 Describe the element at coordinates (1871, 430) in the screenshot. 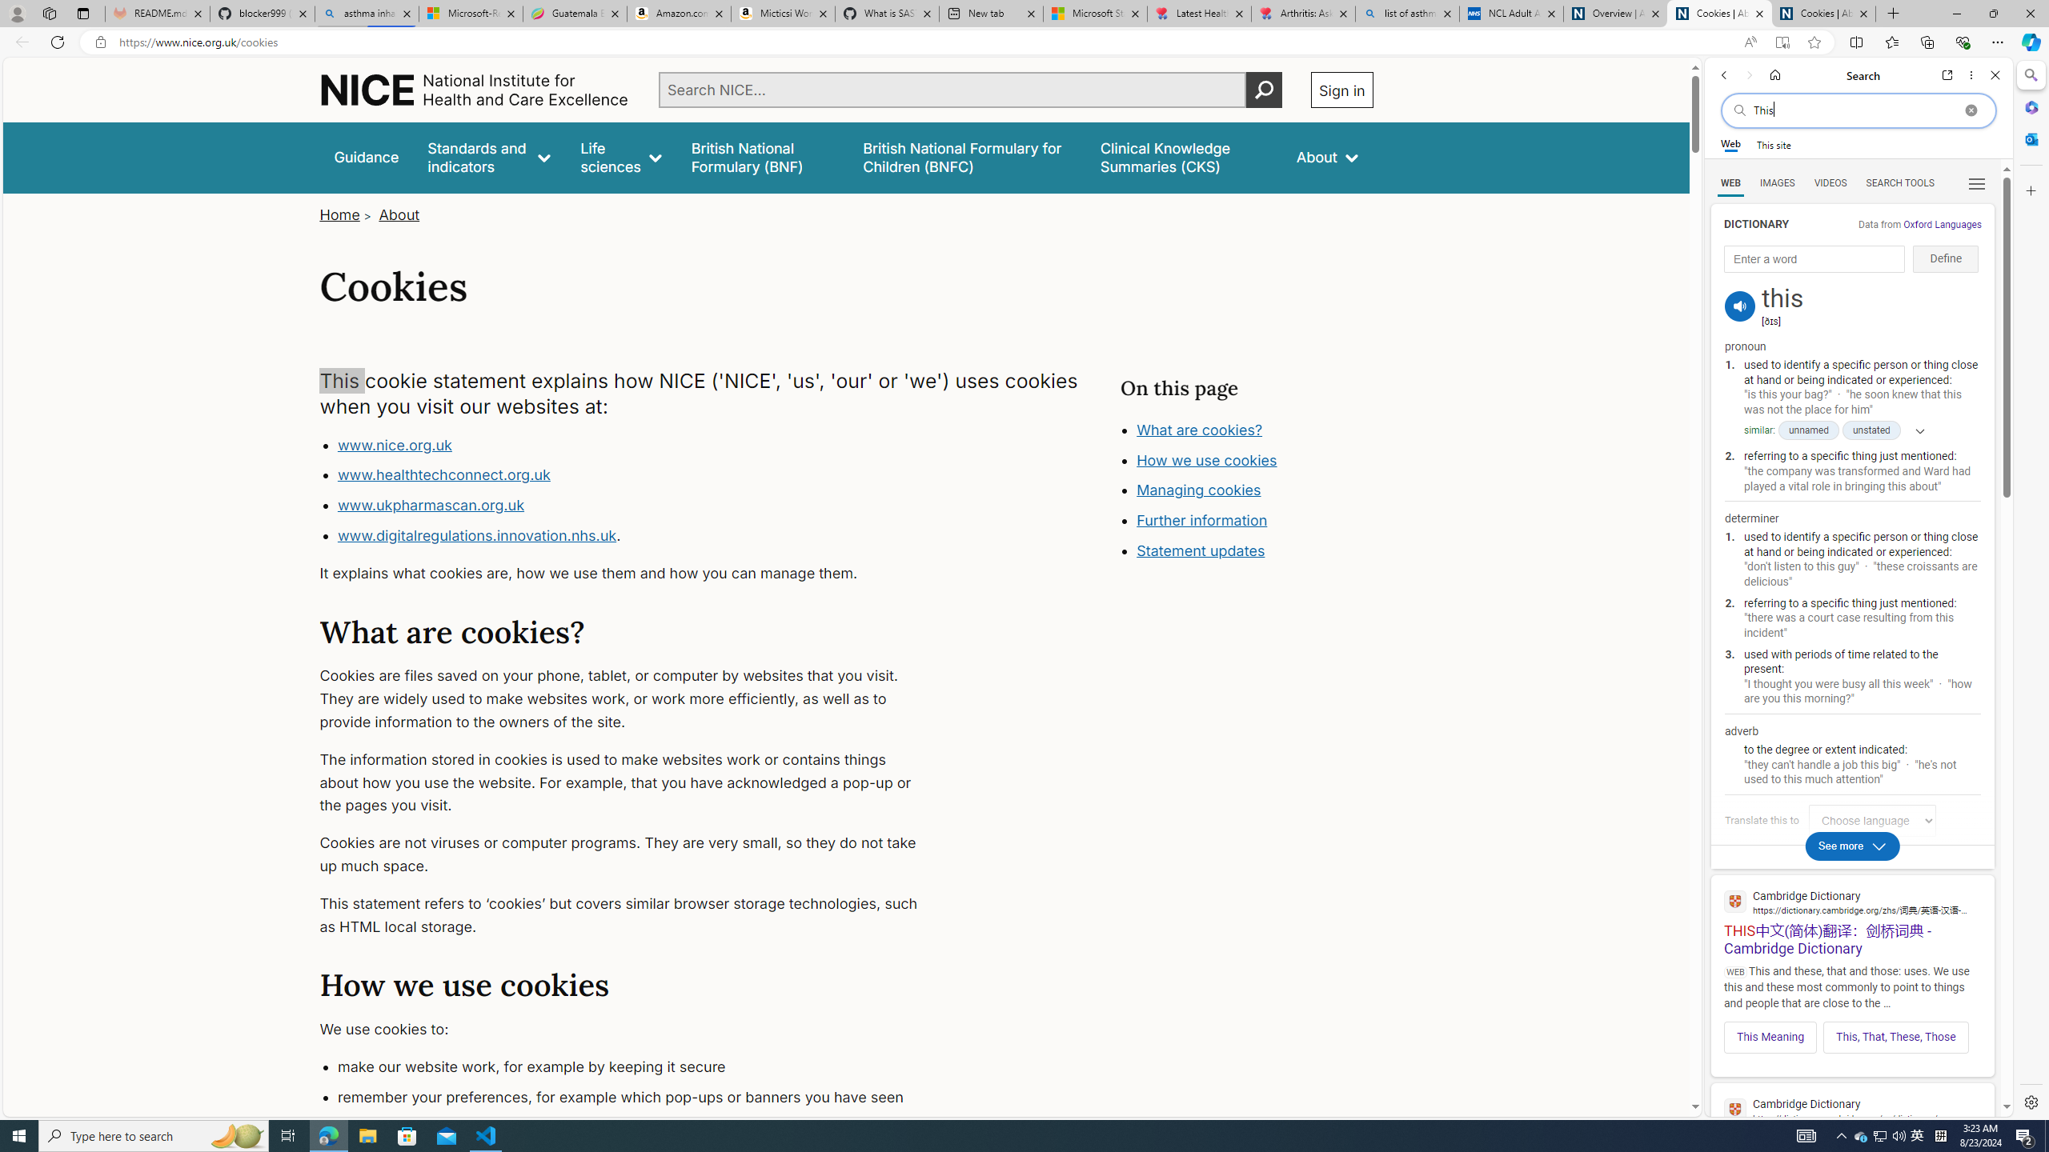

I see `'unstated'` at that location.